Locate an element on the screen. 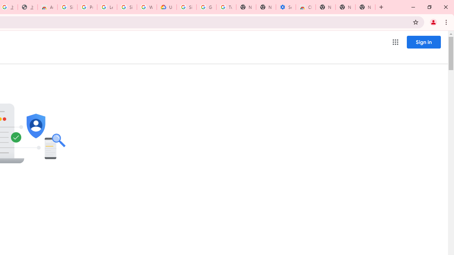 Image resolution: width=454 pixels, height=255 pixels. 'Sign in - Google Accounts' is located at coordinates (187, 7).